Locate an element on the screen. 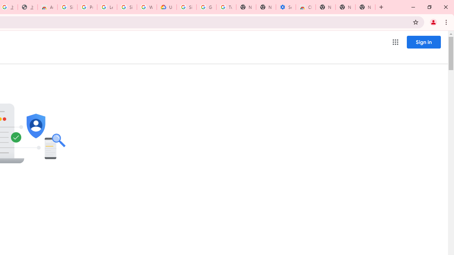 Image resolution: width=454 pixels, height=255 pixels. 'Sign in - Google Accounts' is located at coordinates (187, 7).